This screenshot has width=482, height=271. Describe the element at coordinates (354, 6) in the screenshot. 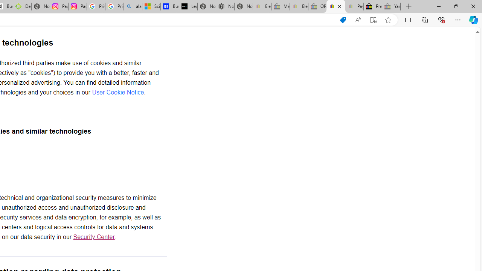

I see `'Payments Terms of Use | eBay.com - Sleeping'` at that location.